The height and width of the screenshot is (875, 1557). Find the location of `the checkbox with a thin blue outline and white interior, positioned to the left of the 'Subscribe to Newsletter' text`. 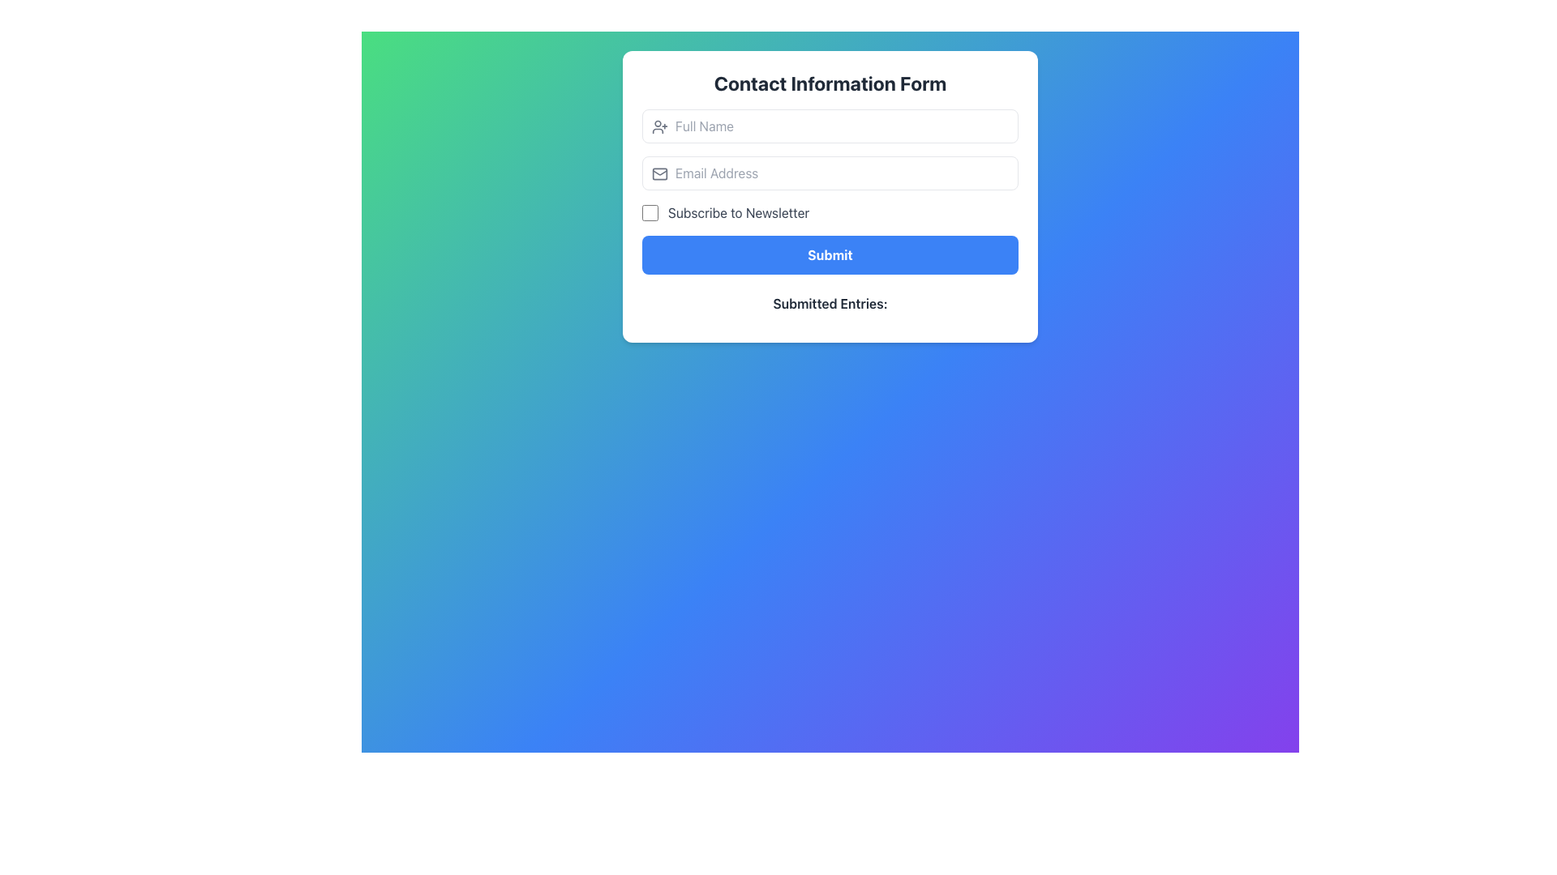

the checkbox with a thin blue outline and white interior, positioned to the left of the 'Subscribe to Newsletter' text is located at coordinates (650, 211).